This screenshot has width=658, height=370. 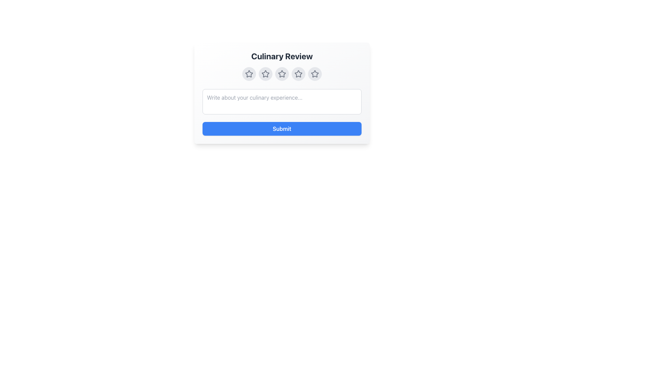 I want to click on the last star icon in the rating selector, so click(x=314, y=74).